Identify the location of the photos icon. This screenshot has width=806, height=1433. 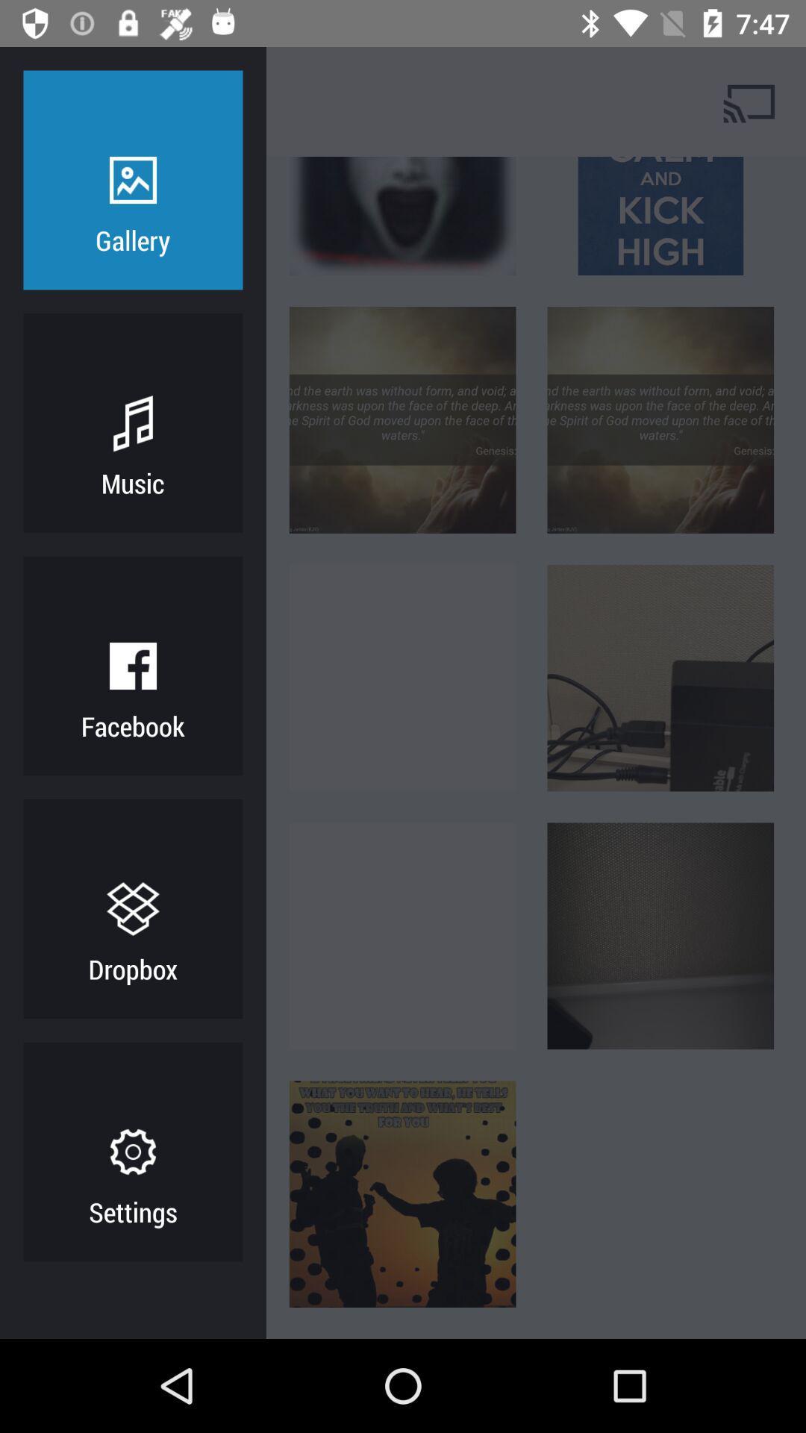
(190, 101).